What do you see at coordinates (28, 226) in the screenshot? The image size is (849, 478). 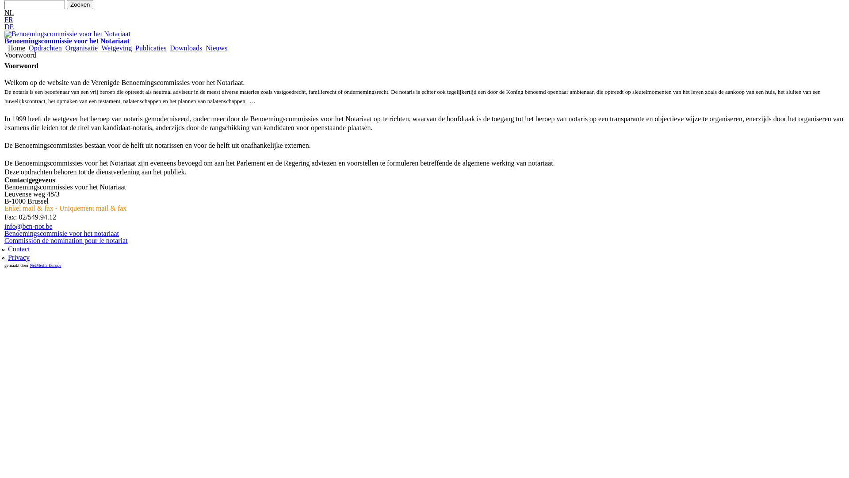 I see `'info@bcn-not.be'` at bounding box center [28, 226].